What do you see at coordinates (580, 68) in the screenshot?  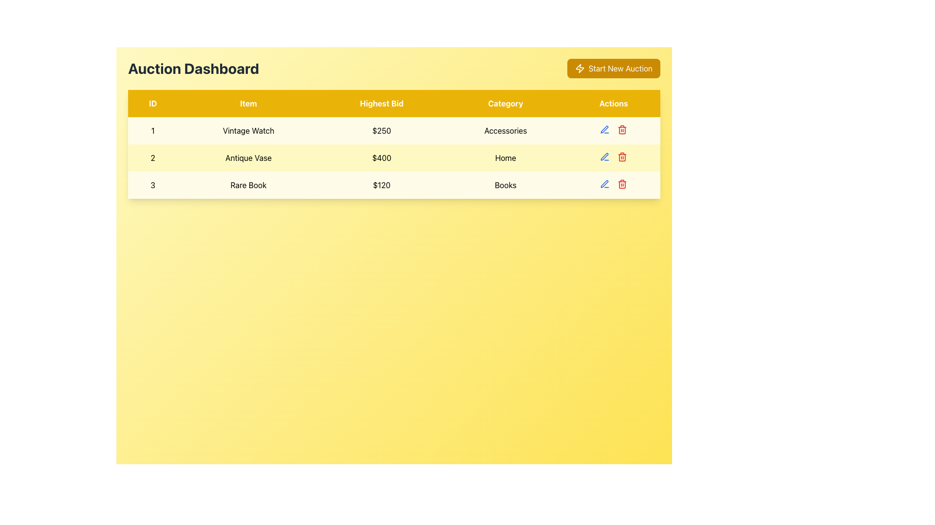 I see `the stylized lightning icon within the 'Start New Auction' button, which is outlined and red, located in the top-right section of the Auction Dashboard` at bounding box center [580, 68].